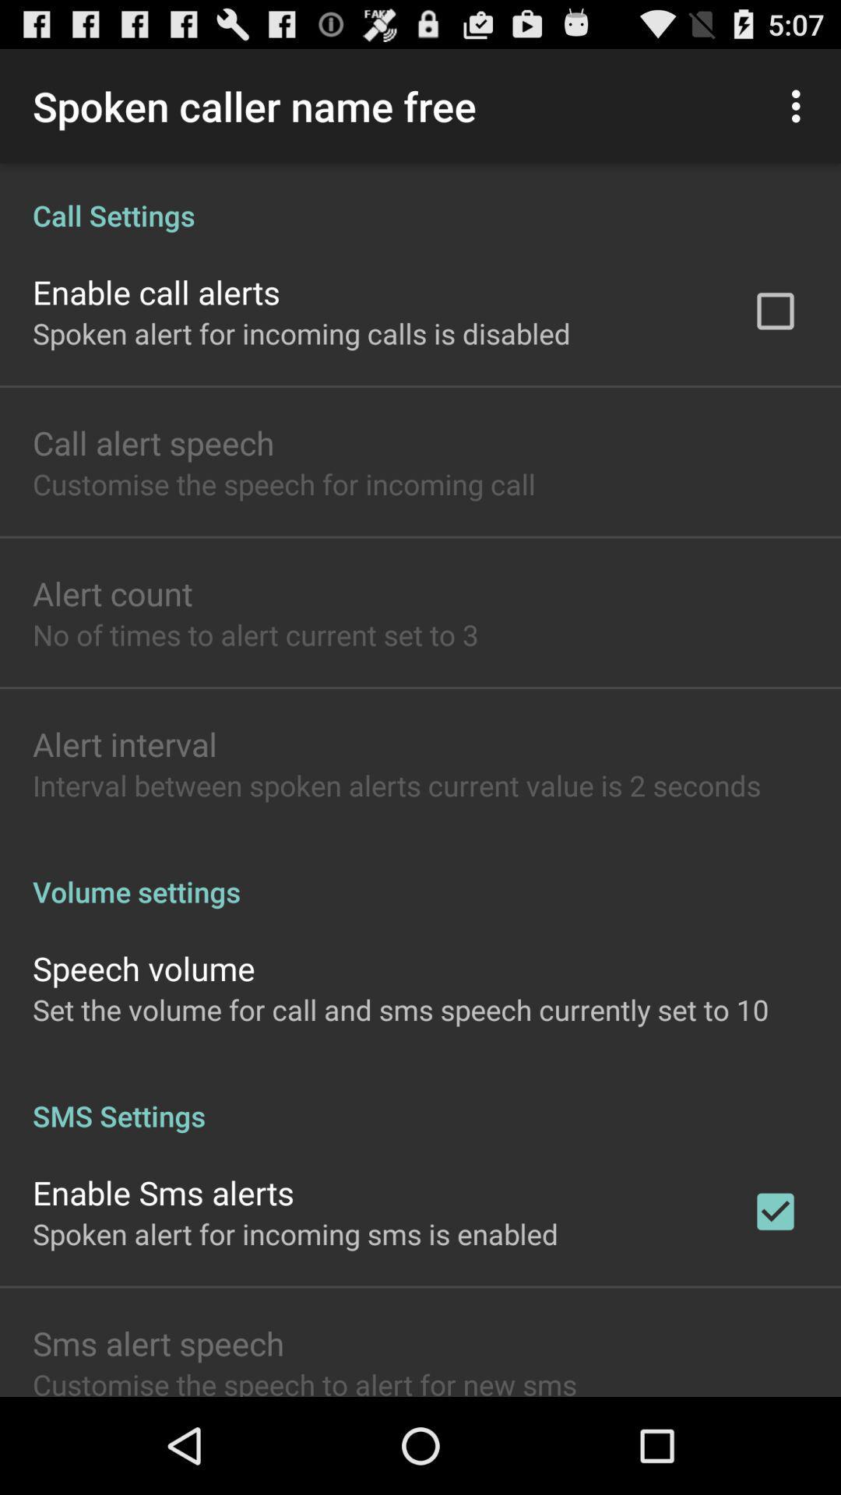  Describe the element at coordinates (399, 1009) in the screenshot. I see `the set the volume` at that location.